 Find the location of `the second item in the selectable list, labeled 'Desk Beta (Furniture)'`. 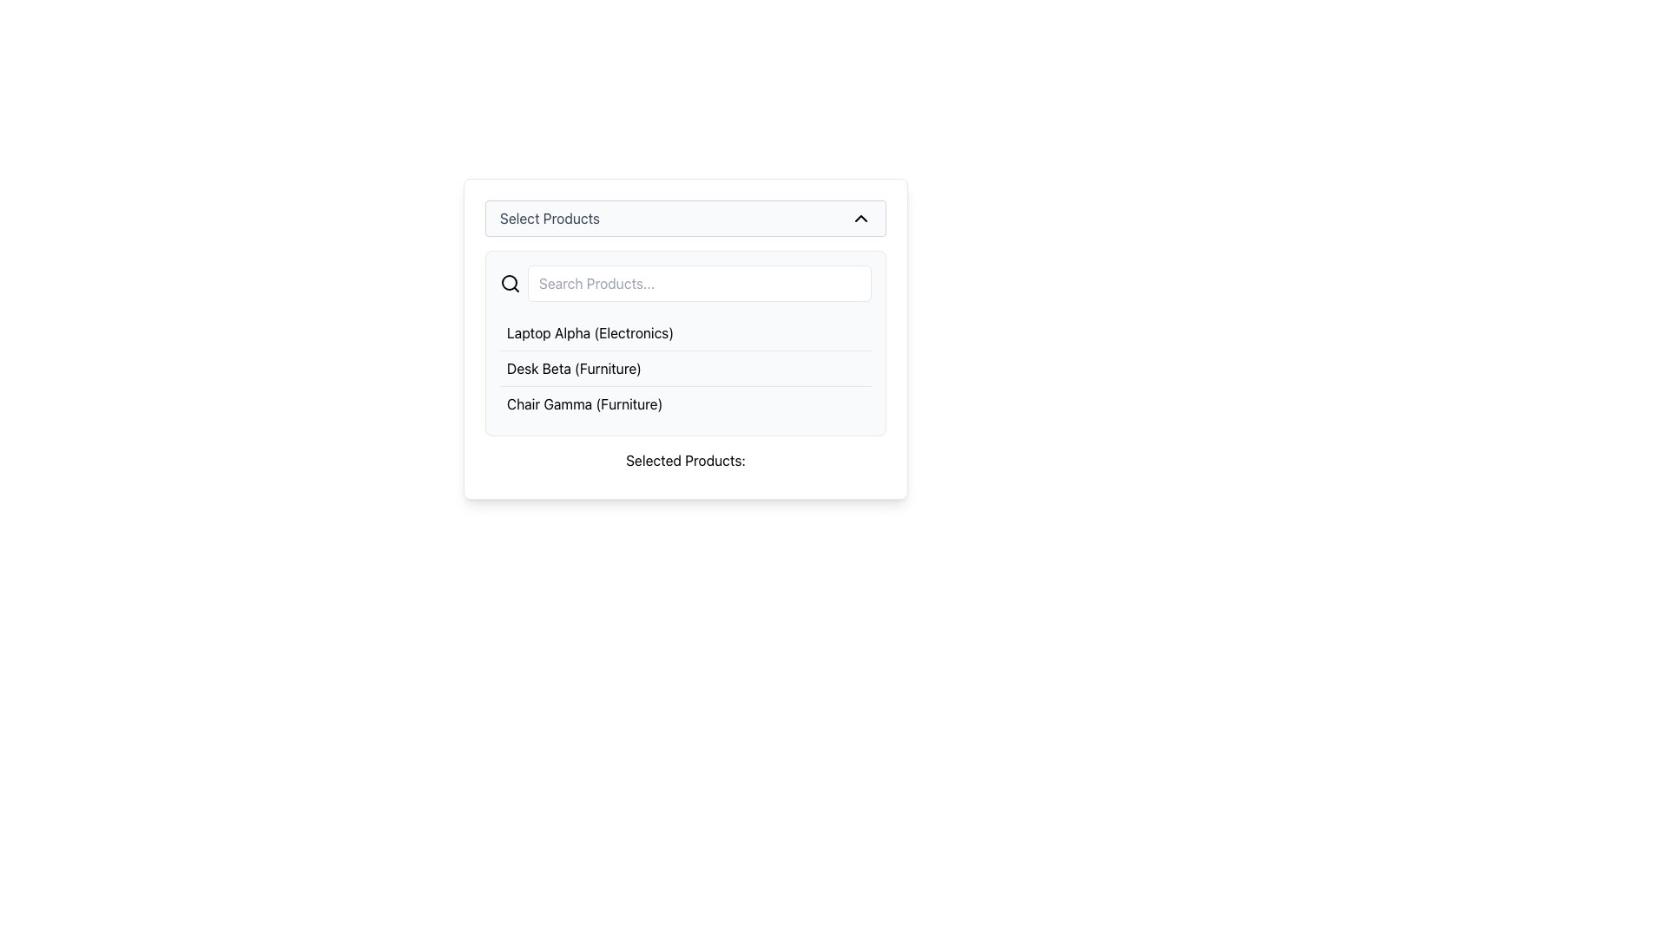

the second item in the selectable list, labeled 'Desk Beta (Furniture)' is located at coordinates (685, 367).